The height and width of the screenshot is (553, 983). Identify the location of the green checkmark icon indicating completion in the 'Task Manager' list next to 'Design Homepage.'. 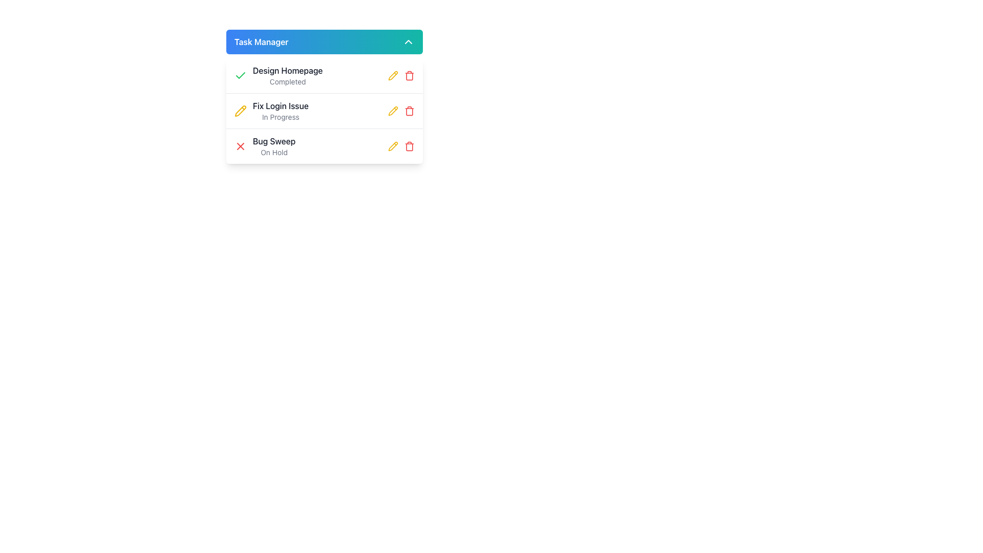
(240, 75).